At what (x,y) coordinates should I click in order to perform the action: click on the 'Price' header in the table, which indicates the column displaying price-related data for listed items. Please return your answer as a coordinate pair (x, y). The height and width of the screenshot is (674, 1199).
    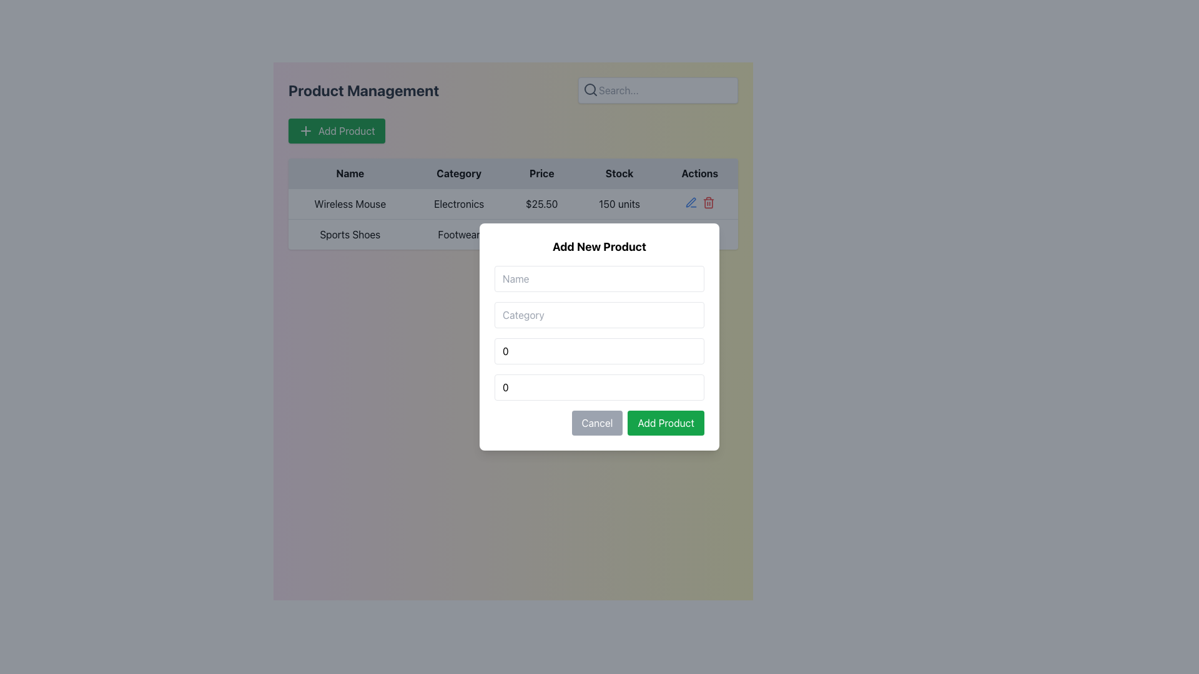
    Looking at the image, I should click on (541, 173).